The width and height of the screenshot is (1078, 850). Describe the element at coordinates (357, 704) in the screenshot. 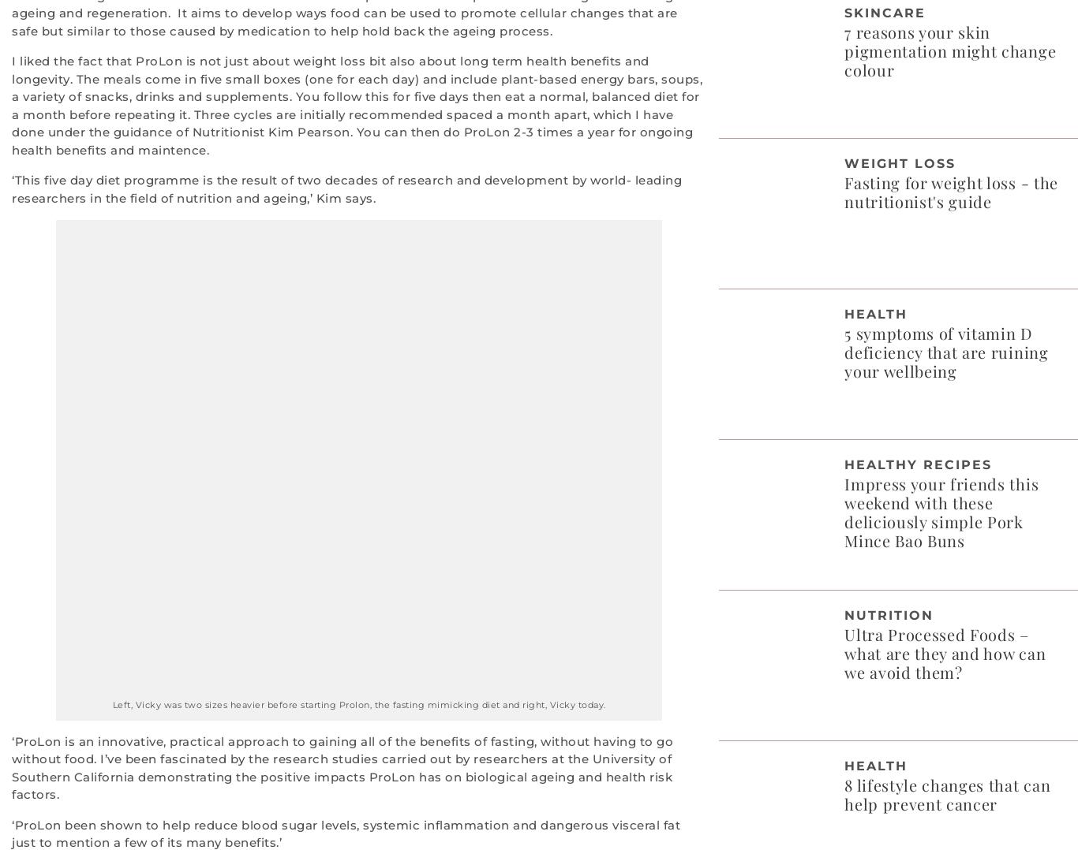

I see `'Left, Vicky was two sizes heavier before starting Prolon, the fasting mimicking diet and right, Vicky today.'` at that location.